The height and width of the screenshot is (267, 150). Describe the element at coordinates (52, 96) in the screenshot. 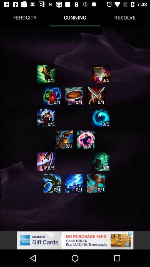

I see `game logo` at that location.